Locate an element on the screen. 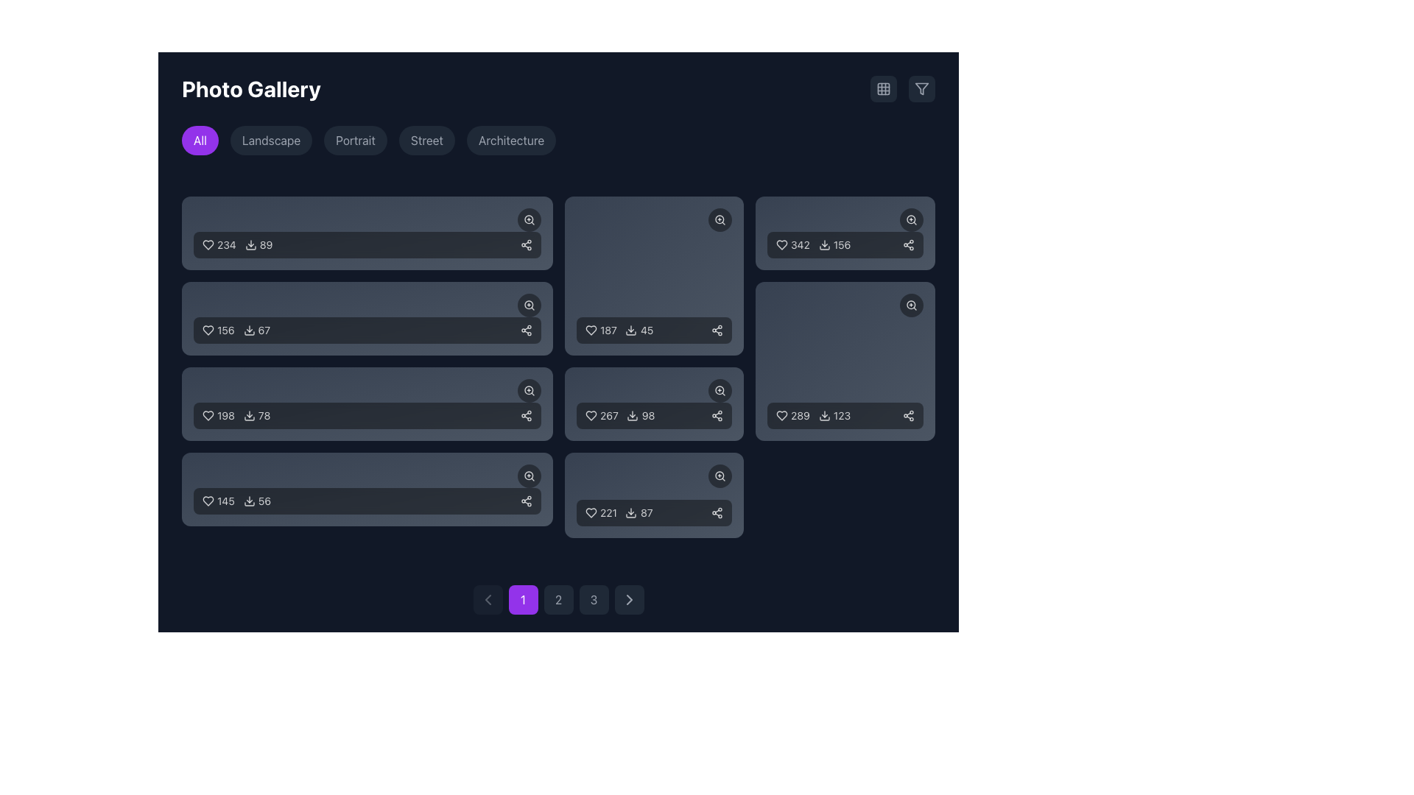 The image size is (1414, 795). the download button with the downward arrow icon and count '87' is located at coordinates (639, 512).